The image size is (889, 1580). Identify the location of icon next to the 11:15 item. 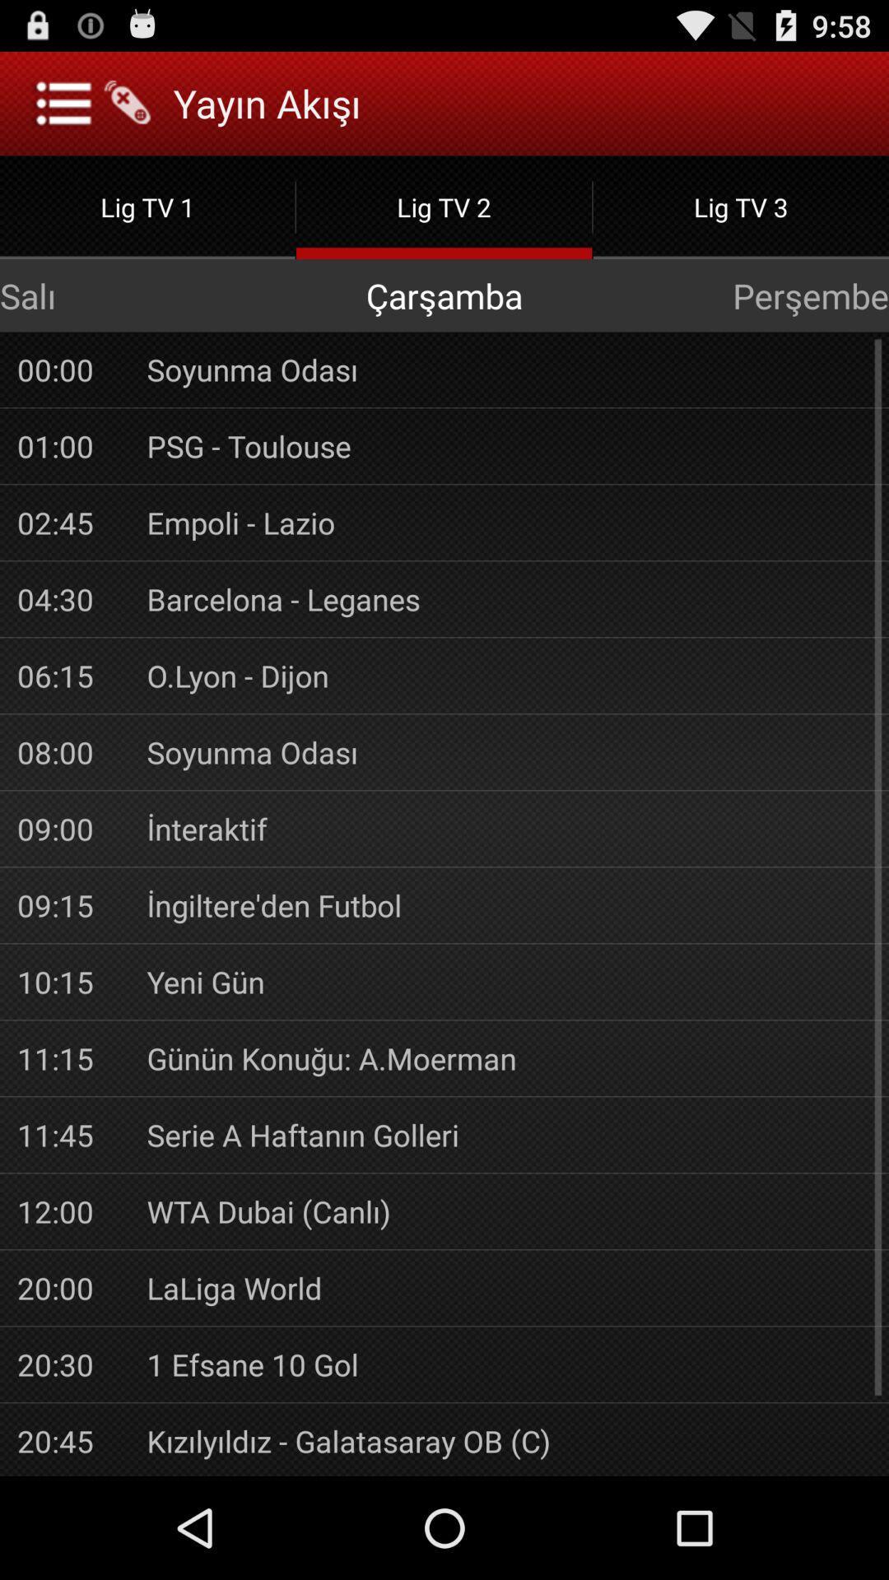
(508, 1058).